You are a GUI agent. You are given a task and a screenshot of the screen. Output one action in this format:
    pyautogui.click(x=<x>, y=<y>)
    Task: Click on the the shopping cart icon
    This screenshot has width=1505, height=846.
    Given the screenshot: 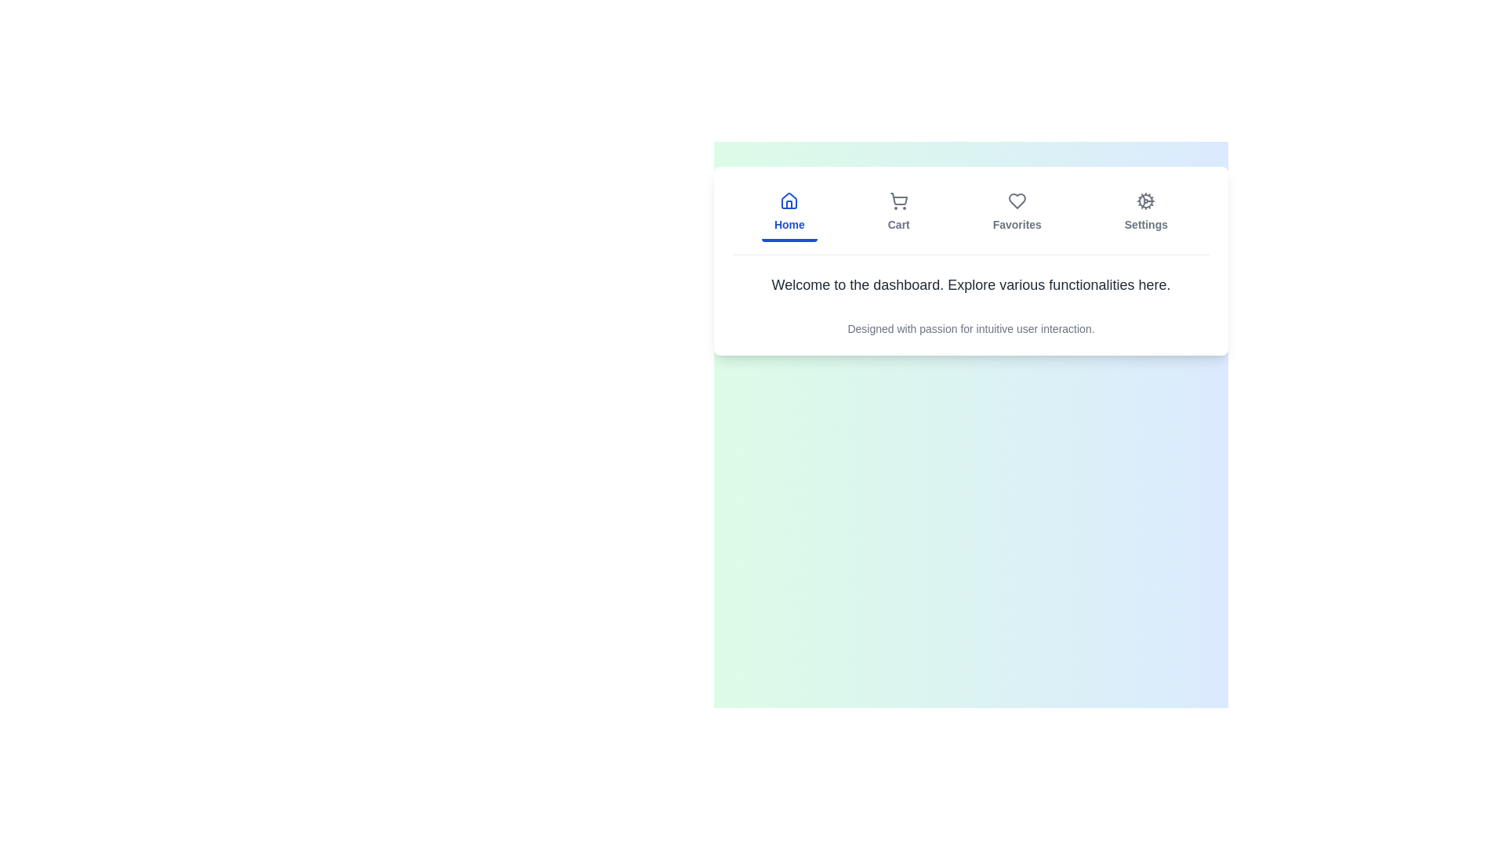 What is the action you would take?
    pyautogui.click(x=898, y=198)
    